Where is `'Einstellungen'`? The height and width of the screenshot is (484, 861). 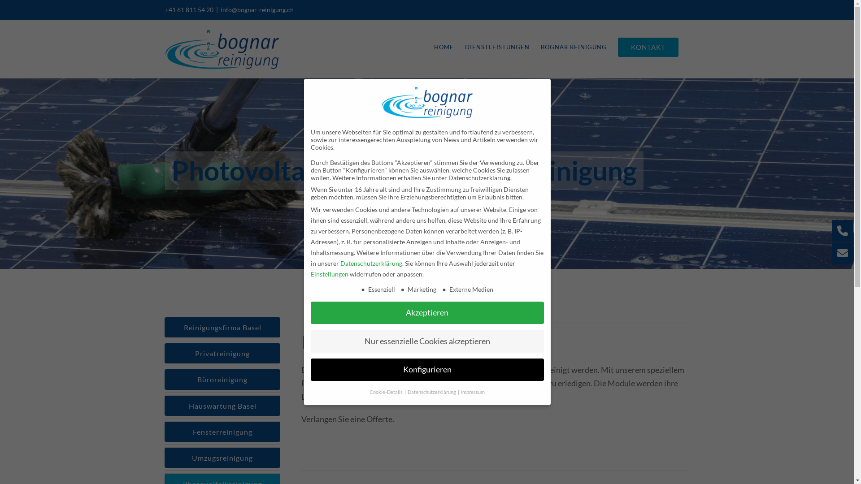 'Einstellungen' is located at coordinates (329, 273).